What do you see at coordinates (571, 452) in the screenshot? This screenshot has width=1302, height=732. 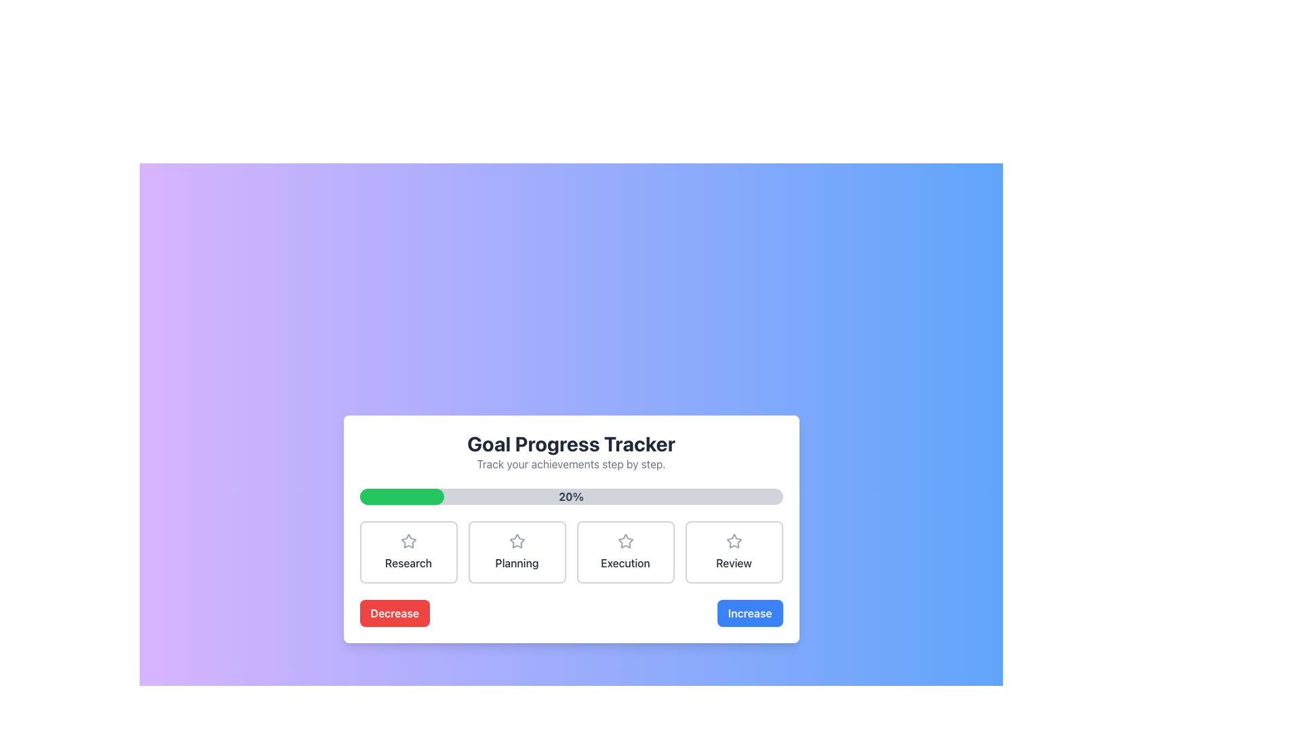 I see `the text block titled 'Goal Progress Tracker'` at bounding box center [571, 452].